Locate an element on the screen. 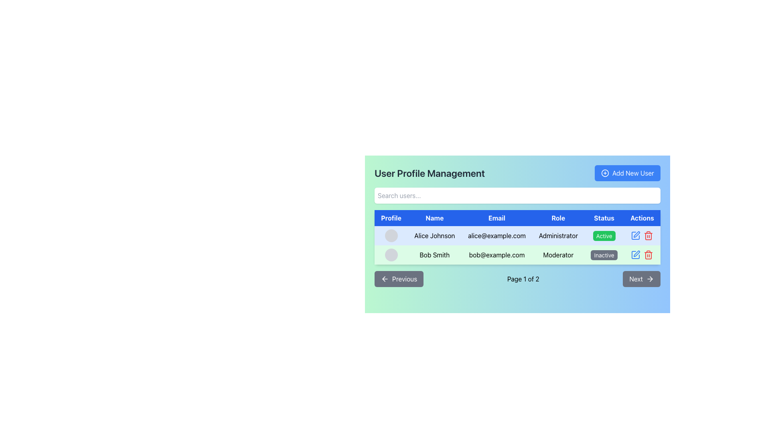  the small rectangular button with a green background and white text that reads 'Active' located in the 'Status' column for 'Alice Johnson', positioned between the 'Role' and 'Actions' columns is located at coordinates (604, 235).